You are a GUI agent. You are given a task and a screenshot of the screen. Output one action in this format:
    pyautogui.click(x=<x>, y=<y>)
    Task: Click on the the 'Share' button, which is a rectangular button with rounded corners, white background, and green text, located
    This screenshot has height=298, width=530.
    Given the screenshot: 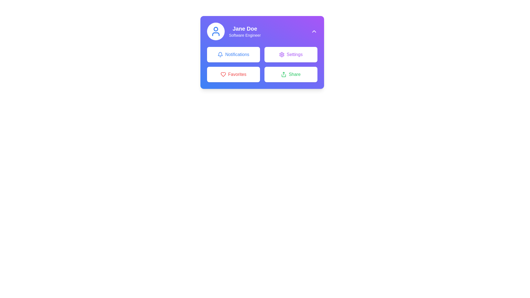 What is the action you would take?
    pyautogui.click(x=290, y=74)
    